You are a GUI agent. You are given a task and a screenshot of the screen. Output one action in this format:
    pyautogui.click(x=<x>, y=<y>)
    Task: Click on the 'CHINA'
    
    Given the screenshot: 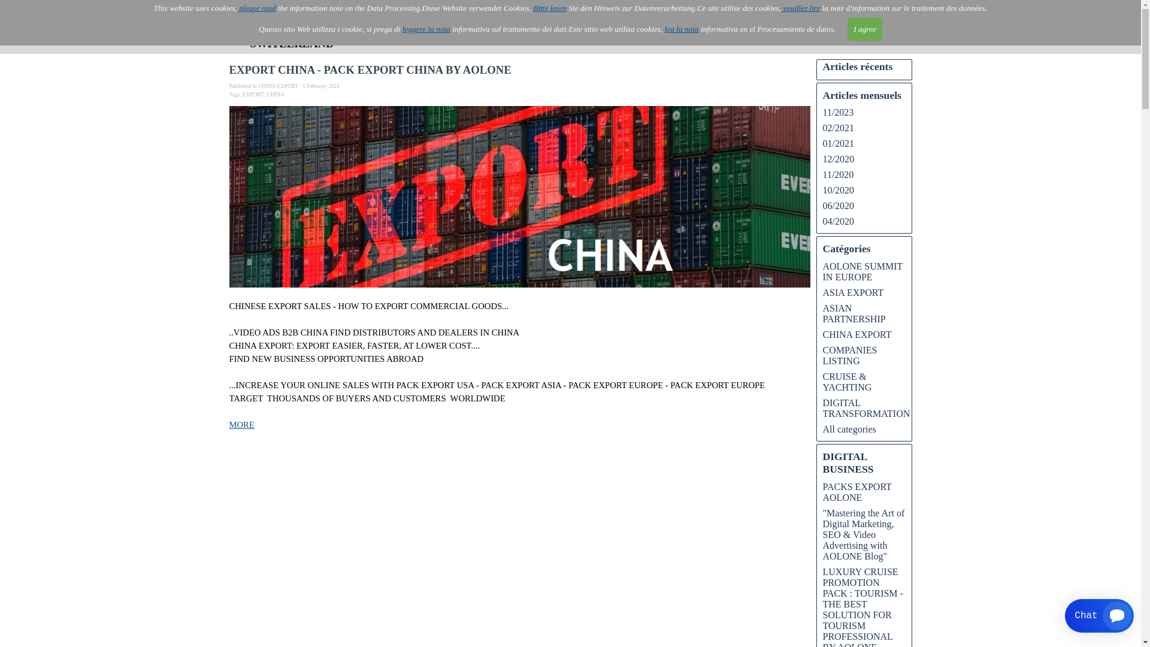 What is the action you would take?
    pyautogui.click(x=275, y=94)
    